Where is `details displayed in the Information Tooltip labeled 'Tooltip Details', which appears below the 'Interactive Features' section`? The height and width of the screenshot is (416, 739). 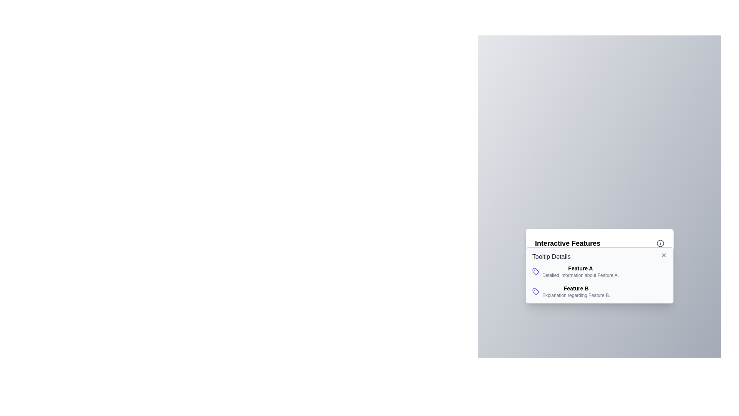
details displayed in the Information Tooltip labeled 'Tooltip Details', which appears below the 'Interactive Features' section is located at coordinates (599, 275).